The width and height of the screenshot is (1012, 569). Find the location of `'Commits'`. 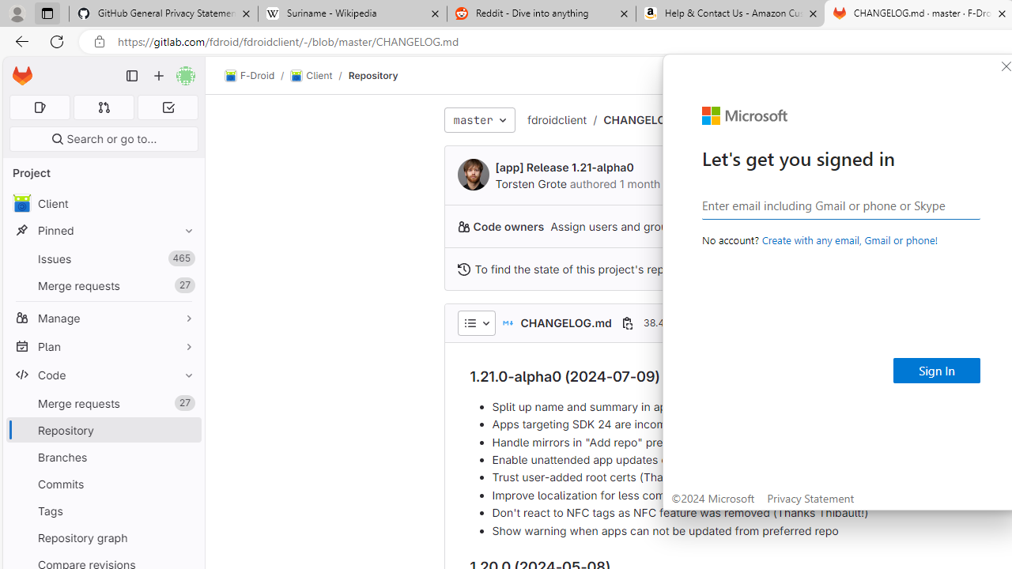

'Commits' is located at coordinates (103, 483).